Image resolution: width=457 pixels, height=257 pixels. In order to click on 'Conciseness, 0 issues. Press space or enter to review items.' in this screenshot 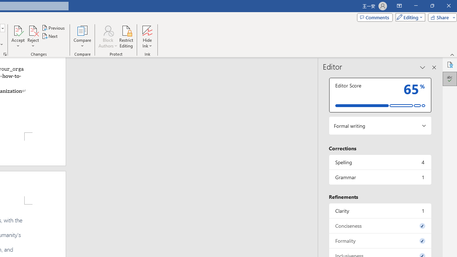, I will do `click(380, 226)`.